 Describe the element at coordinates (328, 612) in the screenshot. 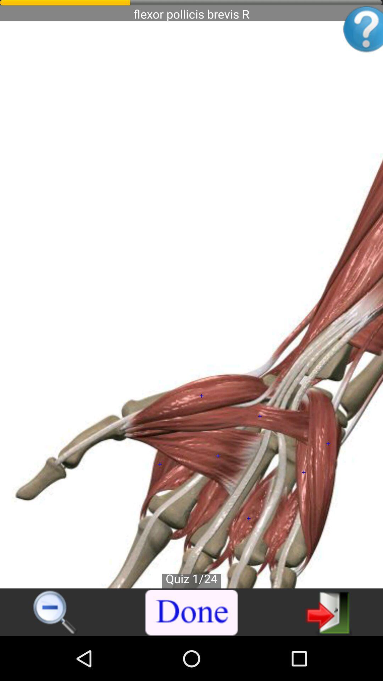

I see `exit` at that location.